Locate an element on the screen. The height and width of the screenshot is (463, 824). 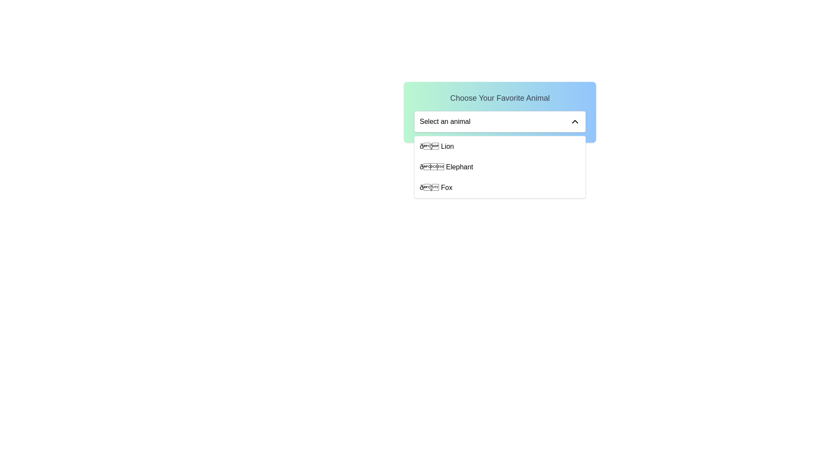
the static text element displaying 'Choose Your Favorite Animal,' which is centered in a medium-sized, gray, bold font above a dropdown menu is located at coordinates (500, 97).